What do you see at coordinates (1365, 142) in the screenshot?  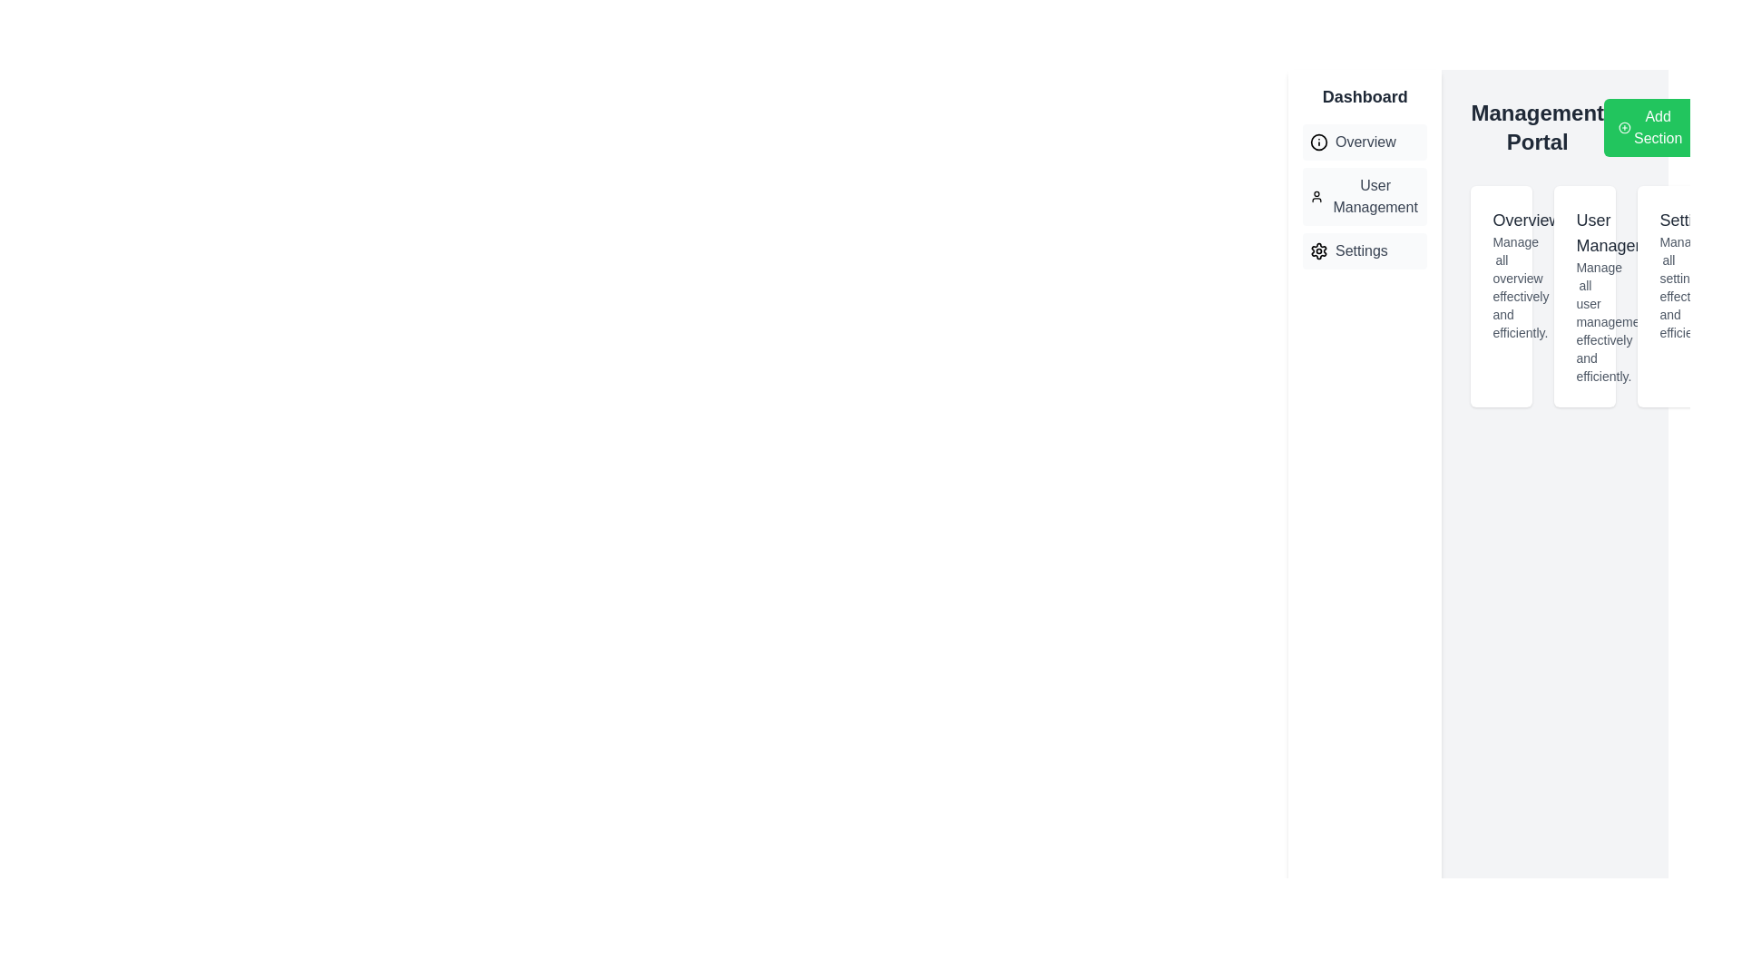 I see `the 'Overview' text label in the vertical navigation menu` at bounding box center [1365, 142].